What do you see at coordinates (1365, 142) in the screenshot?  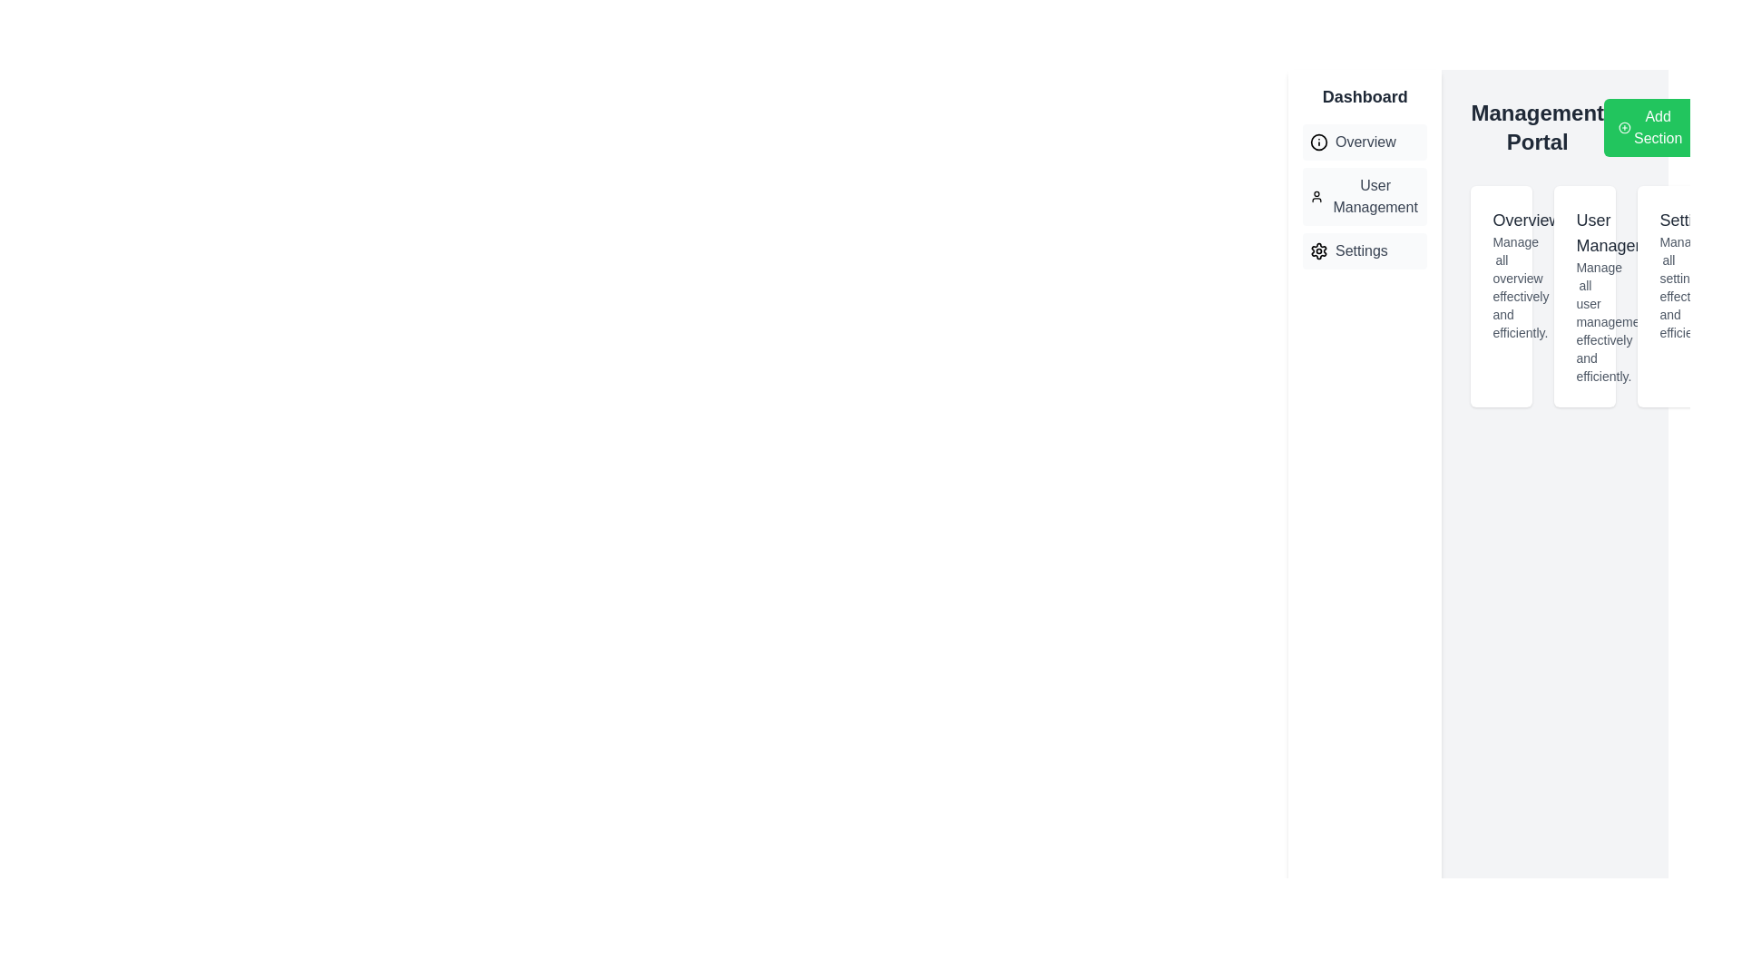 I see `the 'Overview' text label in the vertical navigation menu` at bounding box center [1365, 142].